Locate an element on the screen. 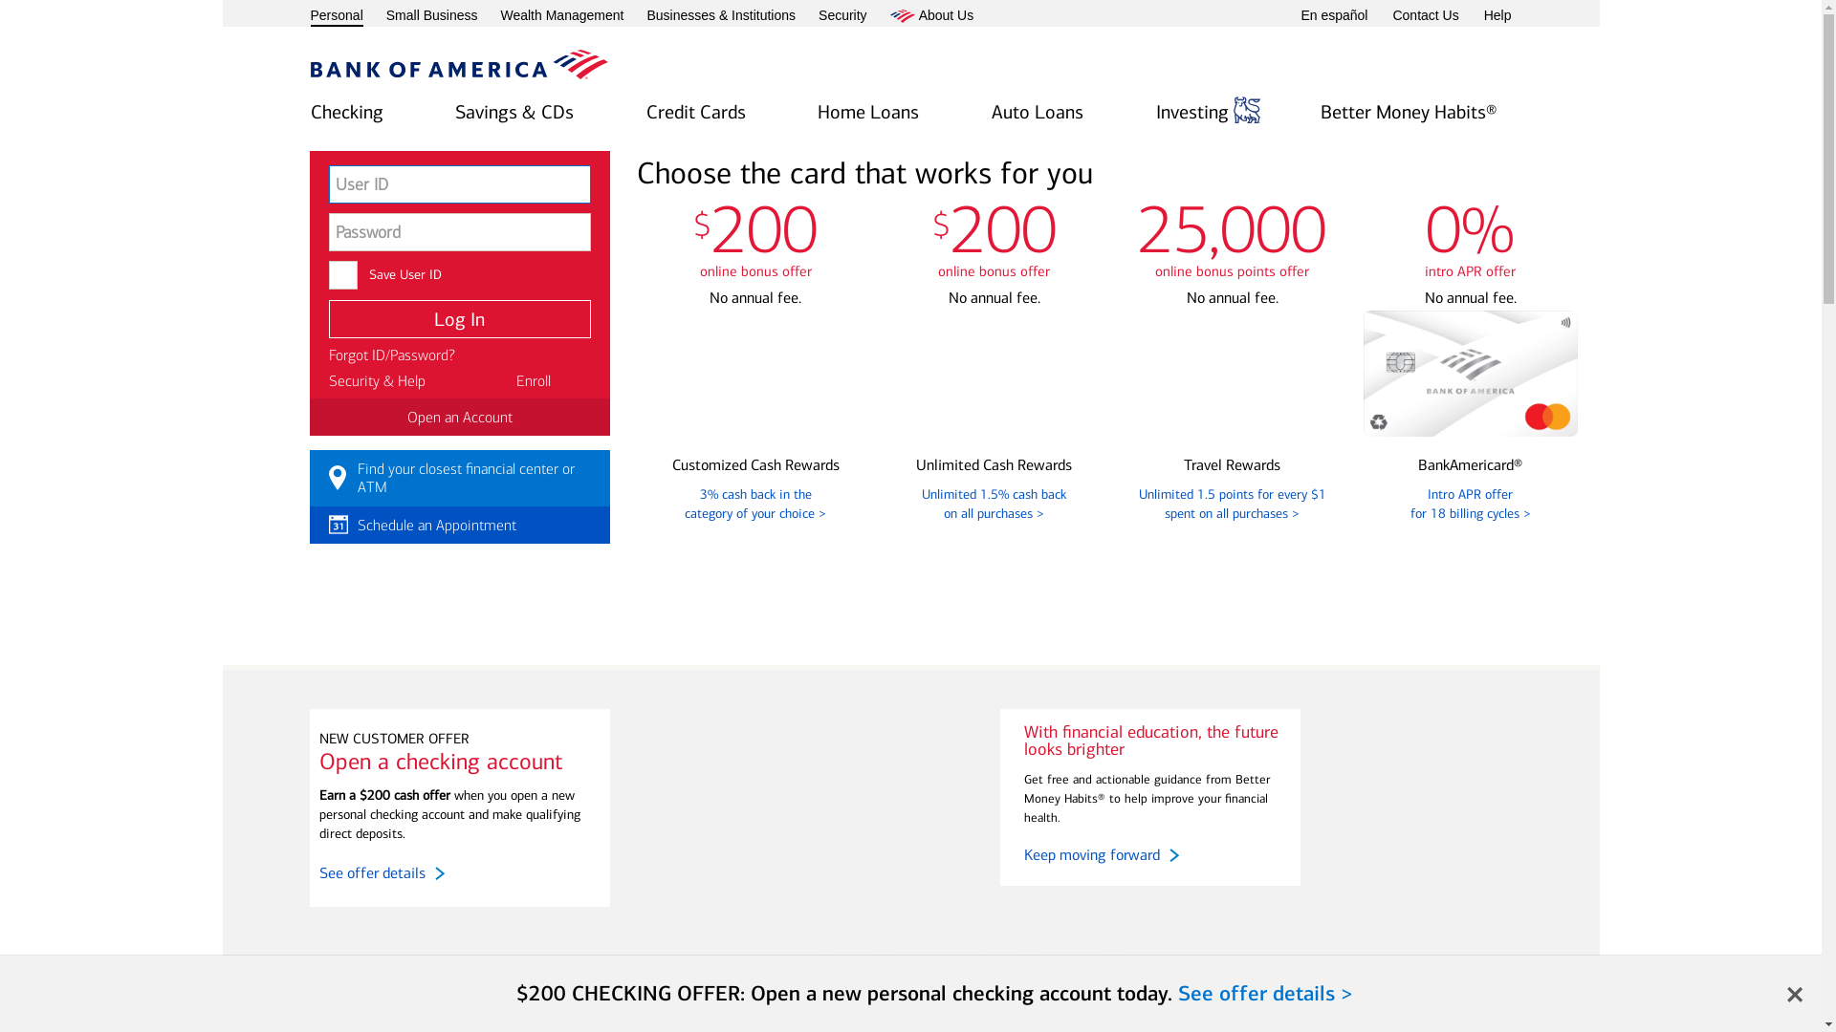 The image size is (1836, 1032). 'Businesses & Institutions' is located at coordinates (719, 15).